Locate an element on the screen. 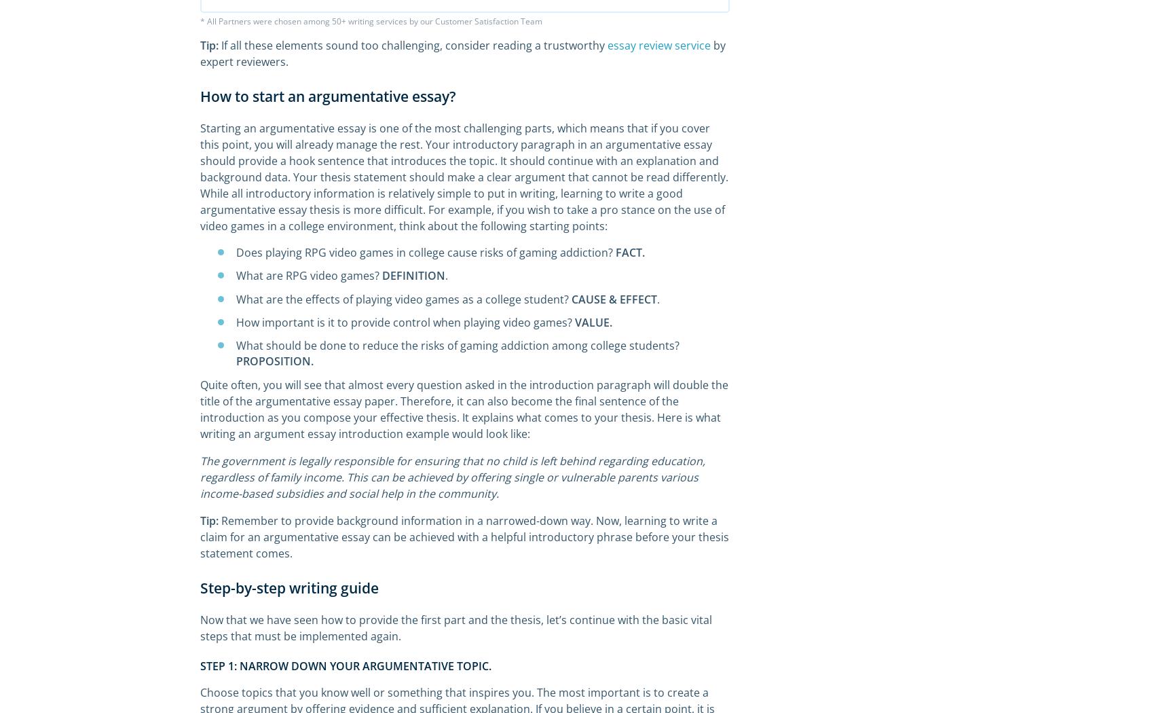  'PROPOSITION.' is located at coordinates (275, 360).